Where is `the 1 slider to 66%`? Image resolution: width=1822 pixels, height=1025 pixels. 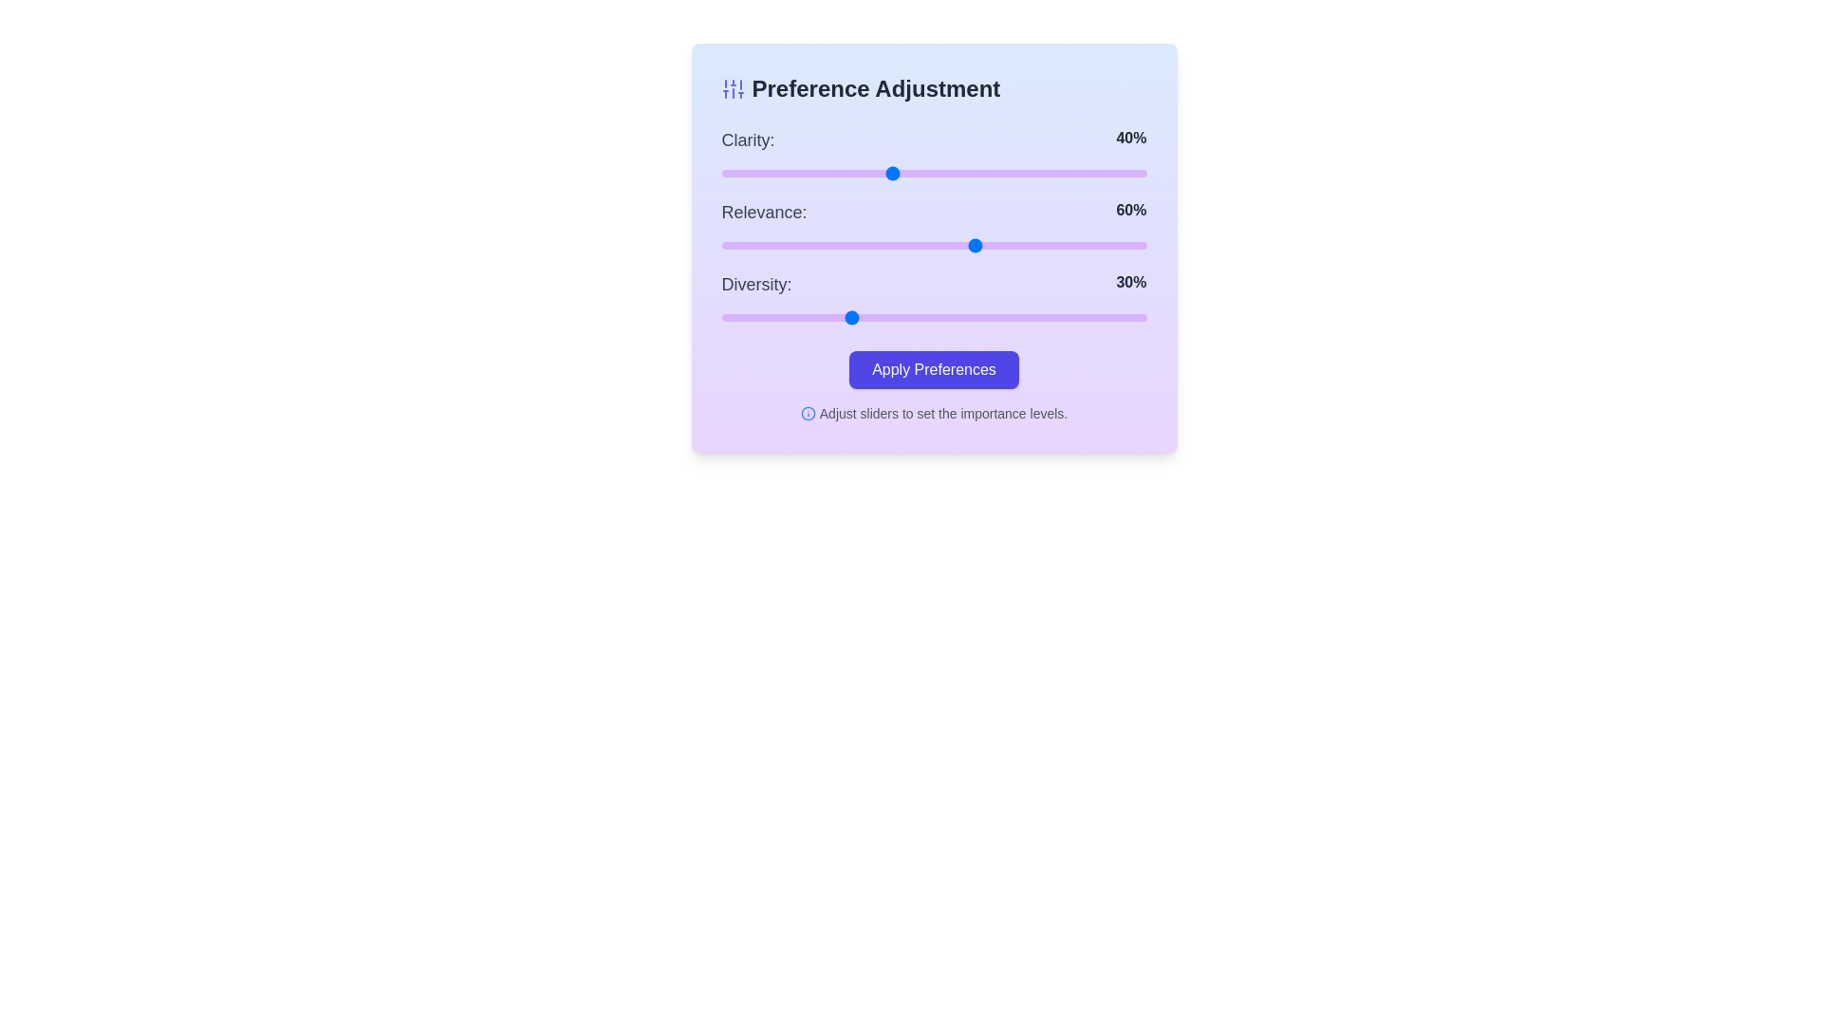
the 1 slider to 66% is located at coordinates (1001, 244).